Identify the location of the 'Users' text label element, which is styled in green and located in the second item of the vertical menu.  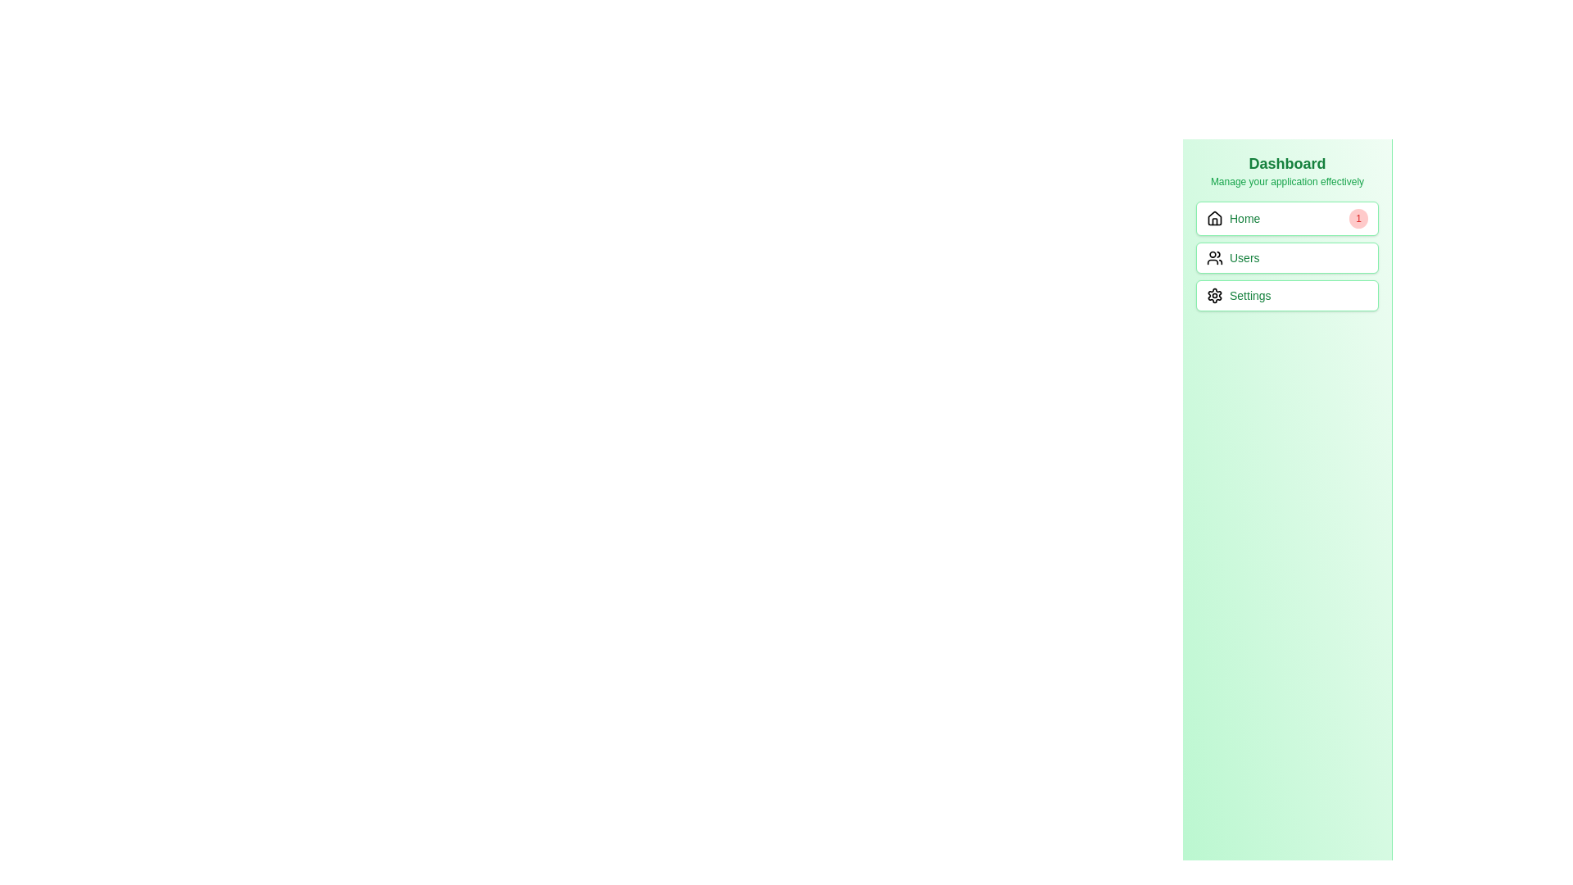
(1233, 258).